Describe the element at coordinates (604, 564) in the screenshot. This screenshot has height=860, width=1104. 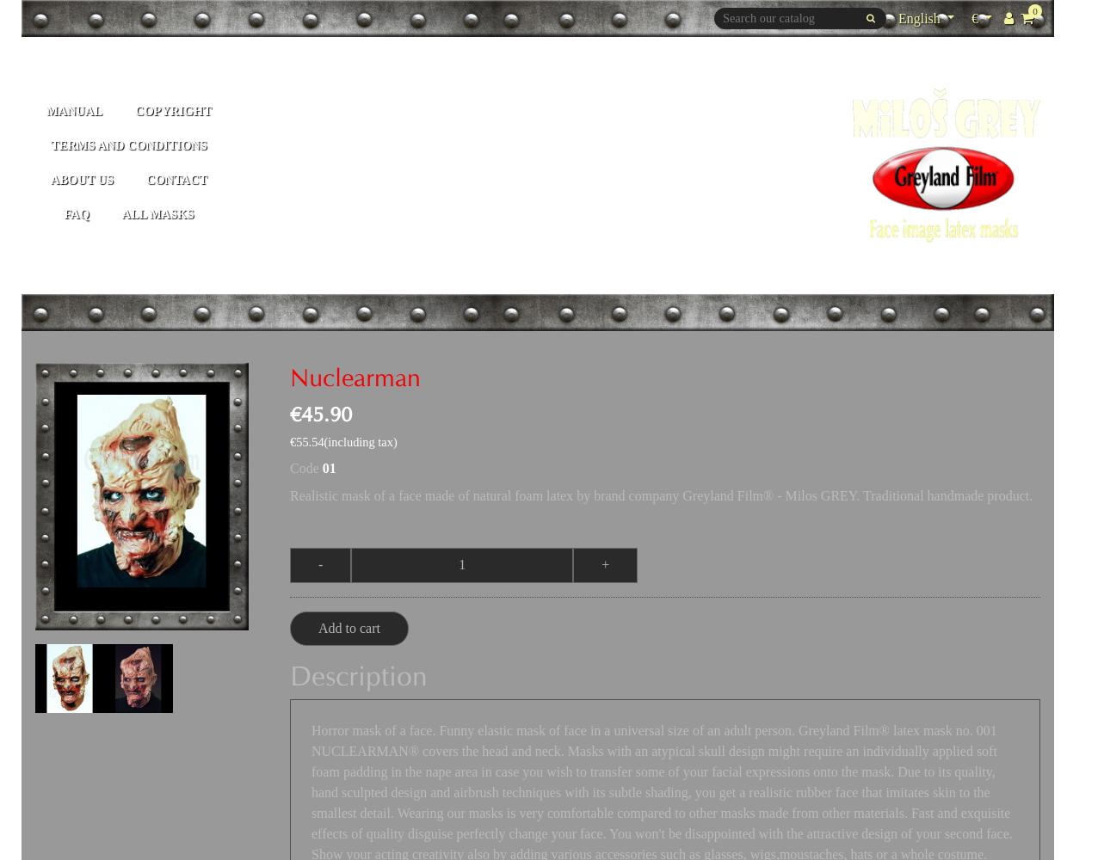
I see `'+'` at that location.